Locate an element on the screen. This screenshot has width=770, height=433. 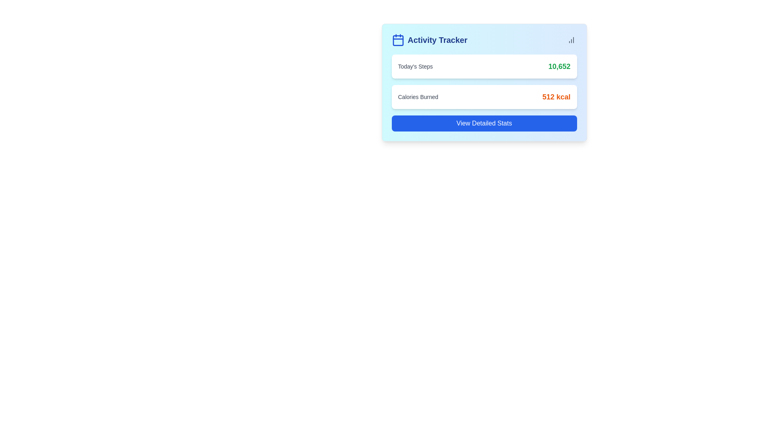
numeric value displayed in the green, bold text label showing '10,652', which is aligned with the 'Today's Steps' label on the left side of the card in the dashboard interface is located at coordinates (559, 66).